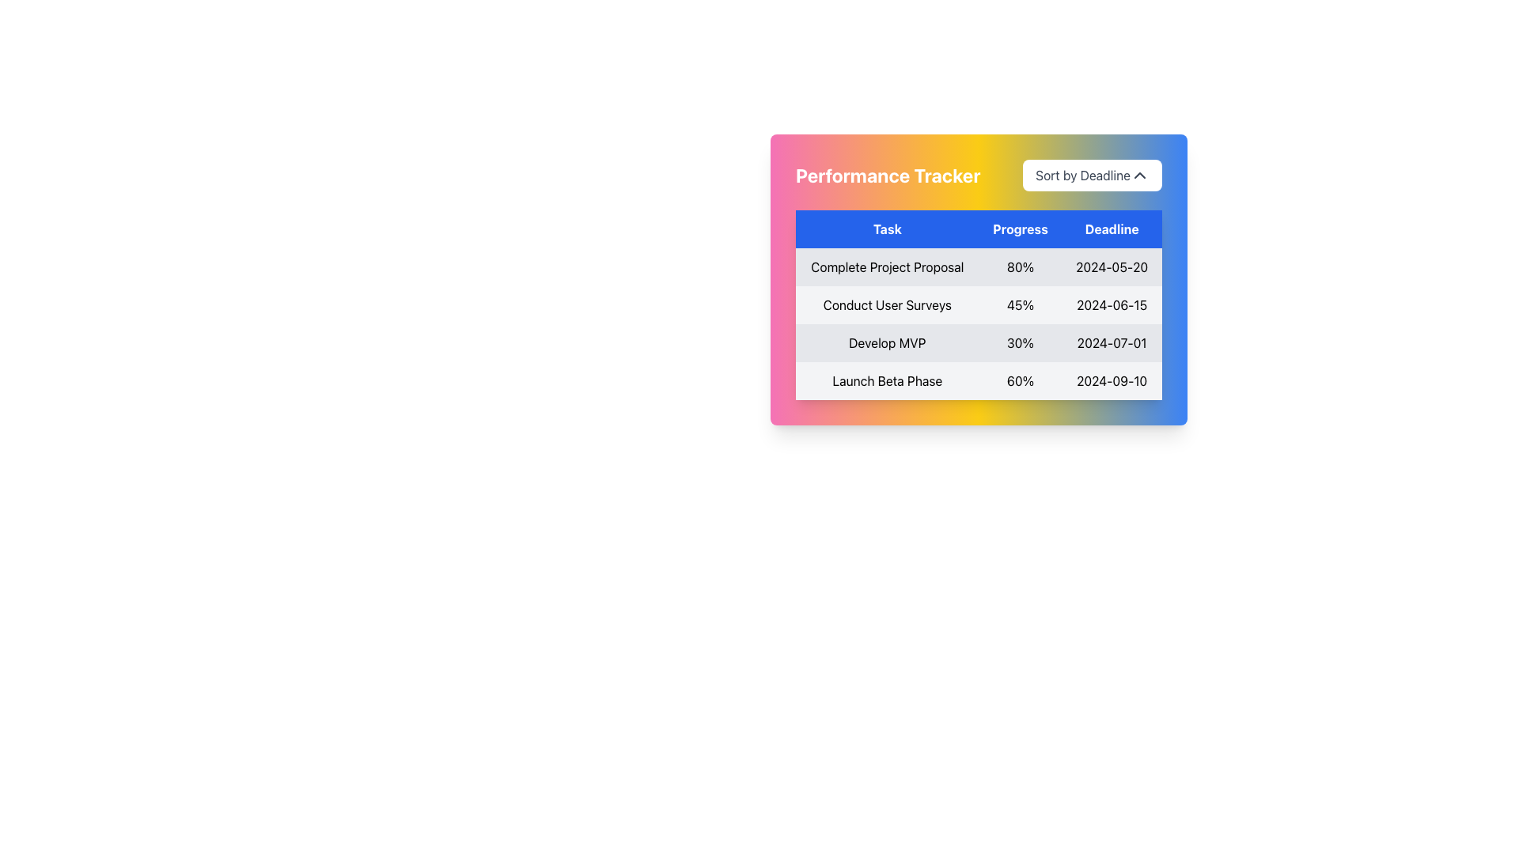  Describe the element at coordinates (1111, 342) in the screenshot. I see `the static text label displaying the deadline date for the 'Develop MVP' task in the 'Deadline' column of the table` at that location.